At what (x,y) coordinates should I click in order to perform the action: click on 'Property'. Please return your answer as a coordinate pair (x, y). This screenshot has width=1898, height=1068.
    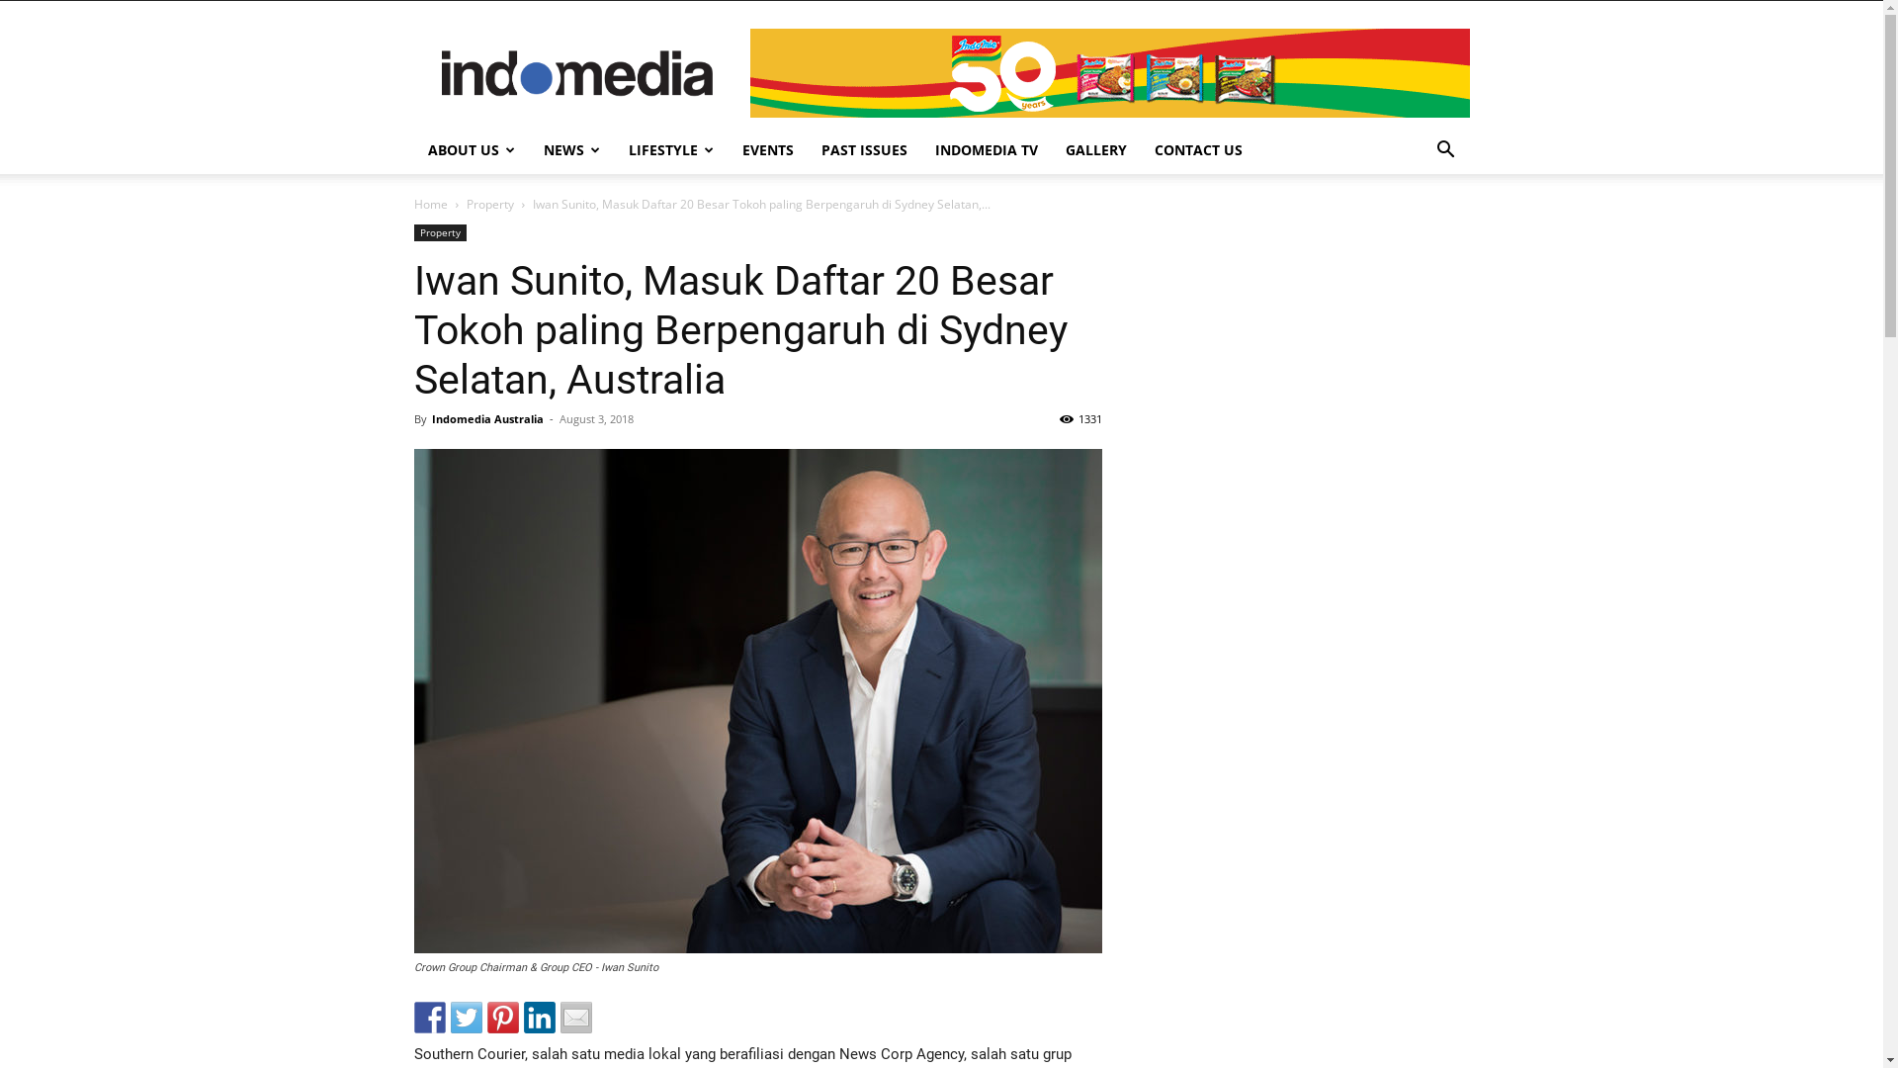
    Looking at the image, I should click on (438, 231).